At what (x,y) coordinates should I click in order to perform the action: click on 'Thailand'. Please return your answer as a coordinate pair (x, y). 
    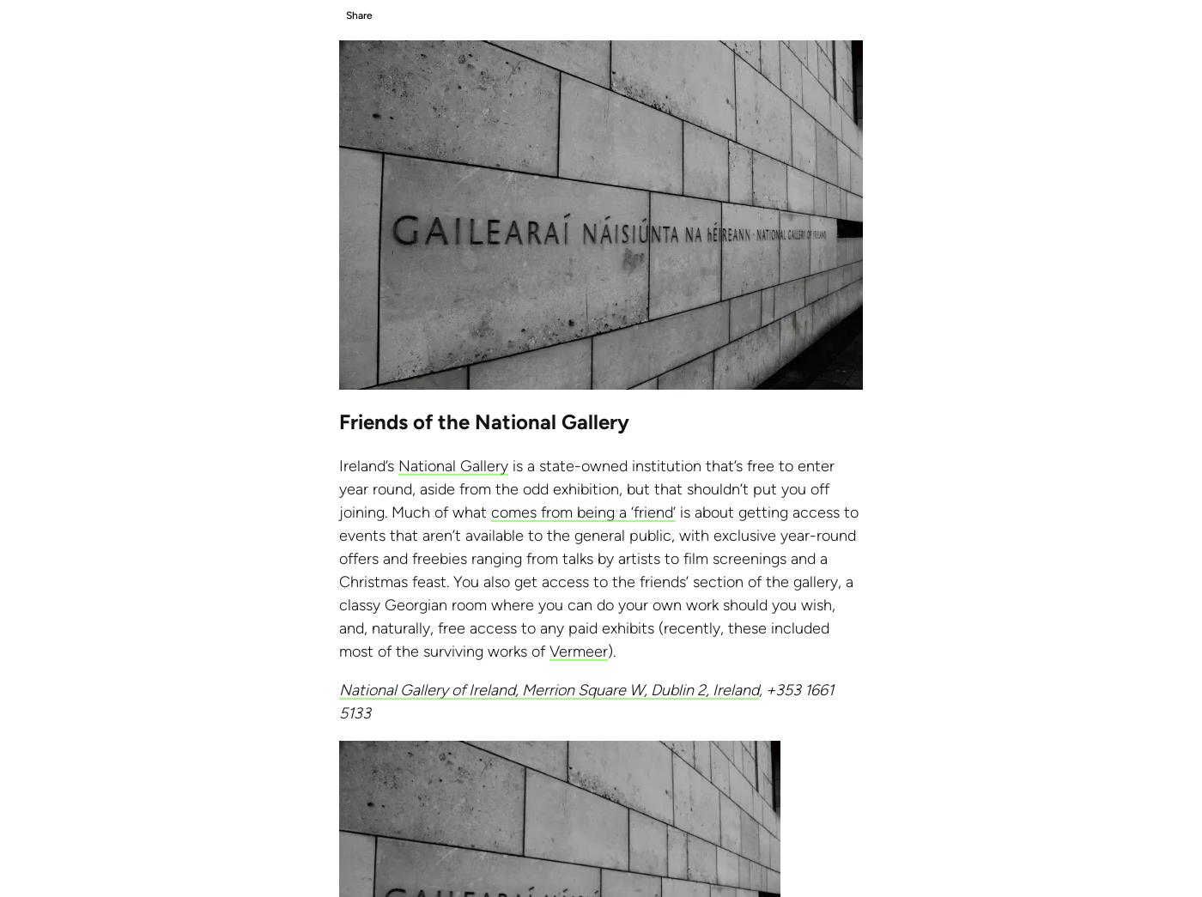
    Looking at the image, I should click on (96, 39).